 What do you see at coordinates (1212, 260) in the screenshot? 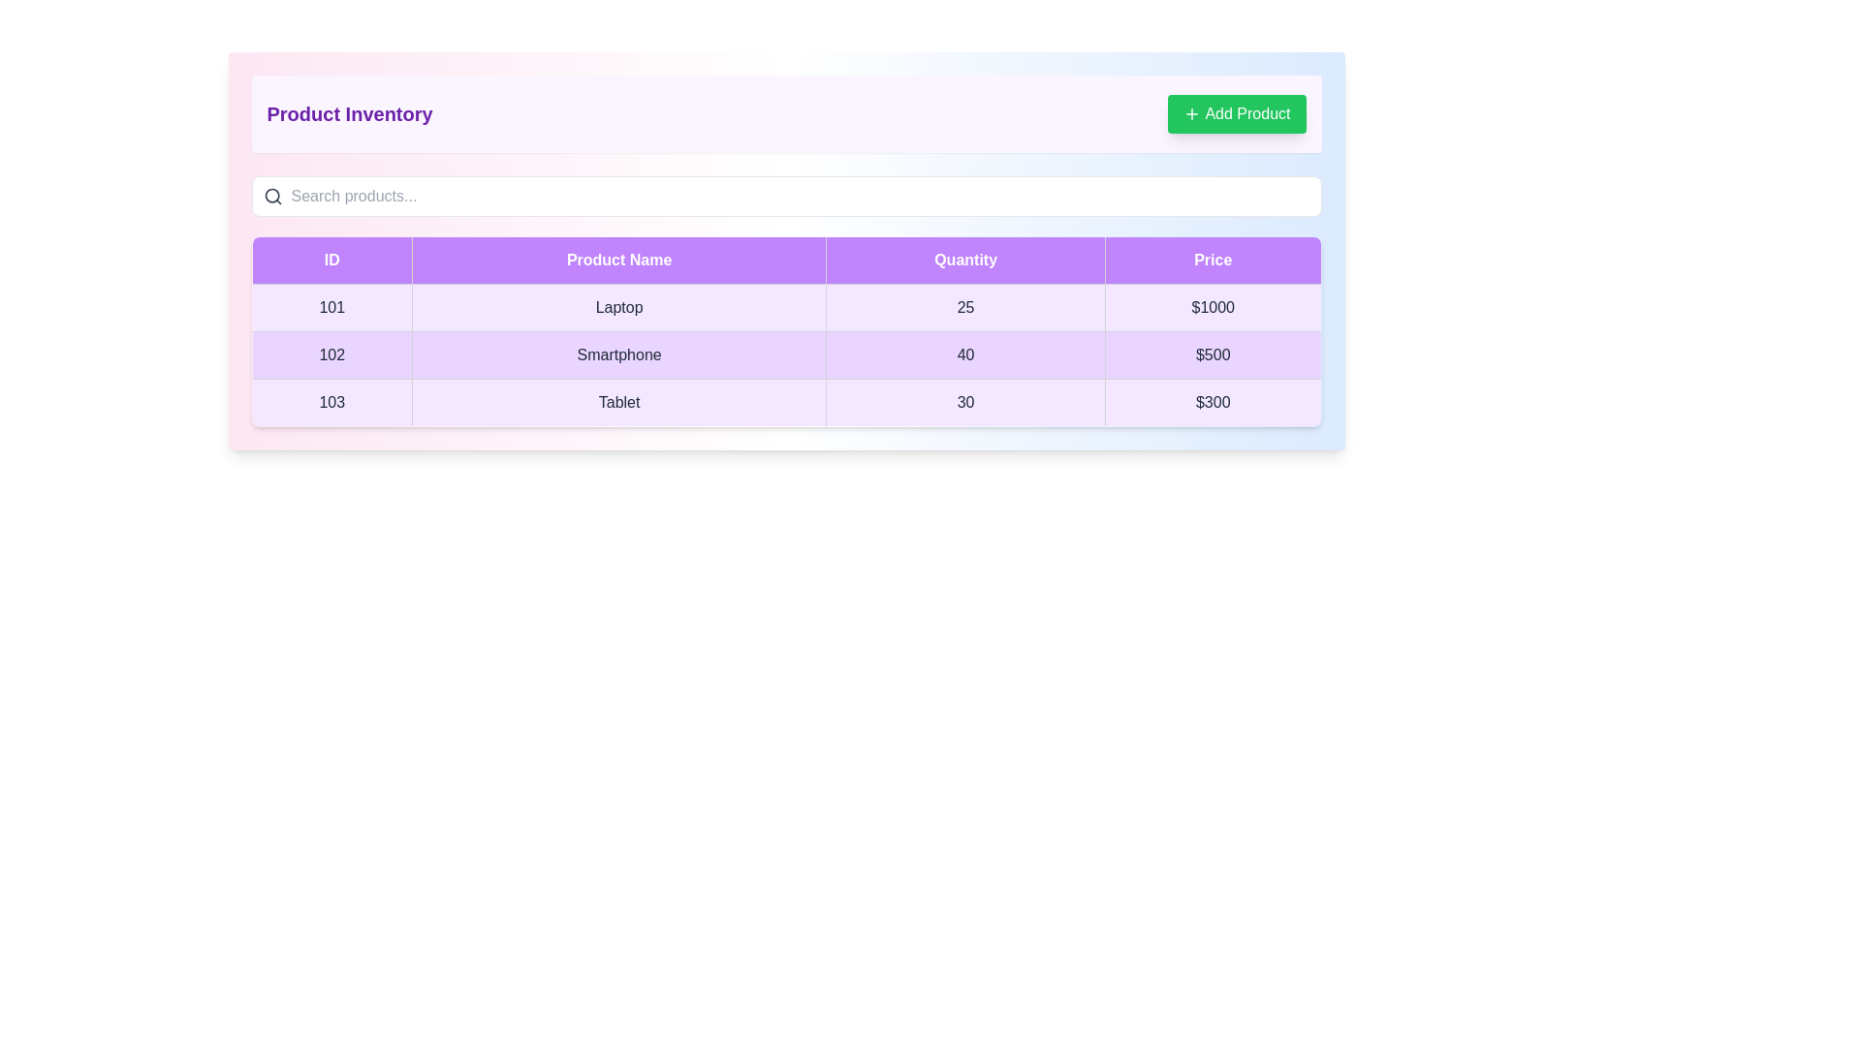
I see `the Table Header Cell labeled 'Price', which is the fourth column header in the table, featuring a white text on a purple background` at bounding box center [1212, 260].